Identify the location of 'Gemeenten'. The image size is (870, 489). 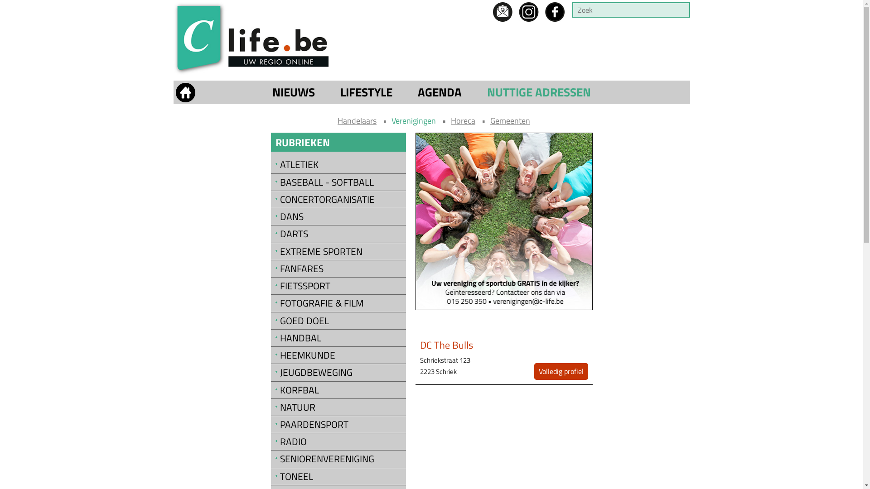
(510, 120).